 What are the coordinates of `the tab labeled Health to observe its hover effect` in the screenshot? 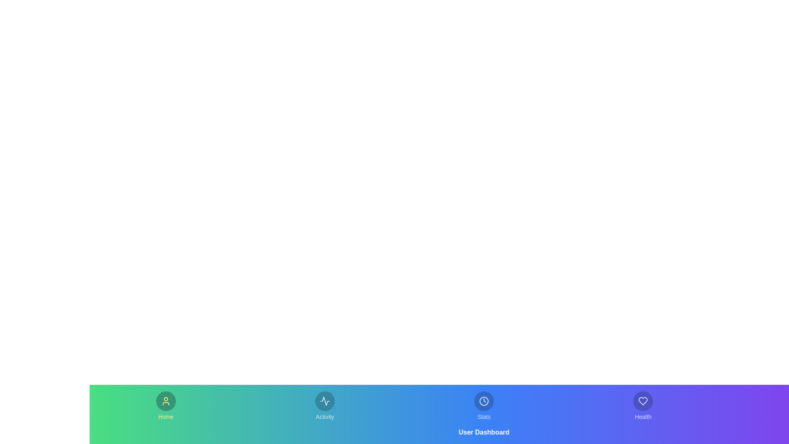 It's located at (643, 405).